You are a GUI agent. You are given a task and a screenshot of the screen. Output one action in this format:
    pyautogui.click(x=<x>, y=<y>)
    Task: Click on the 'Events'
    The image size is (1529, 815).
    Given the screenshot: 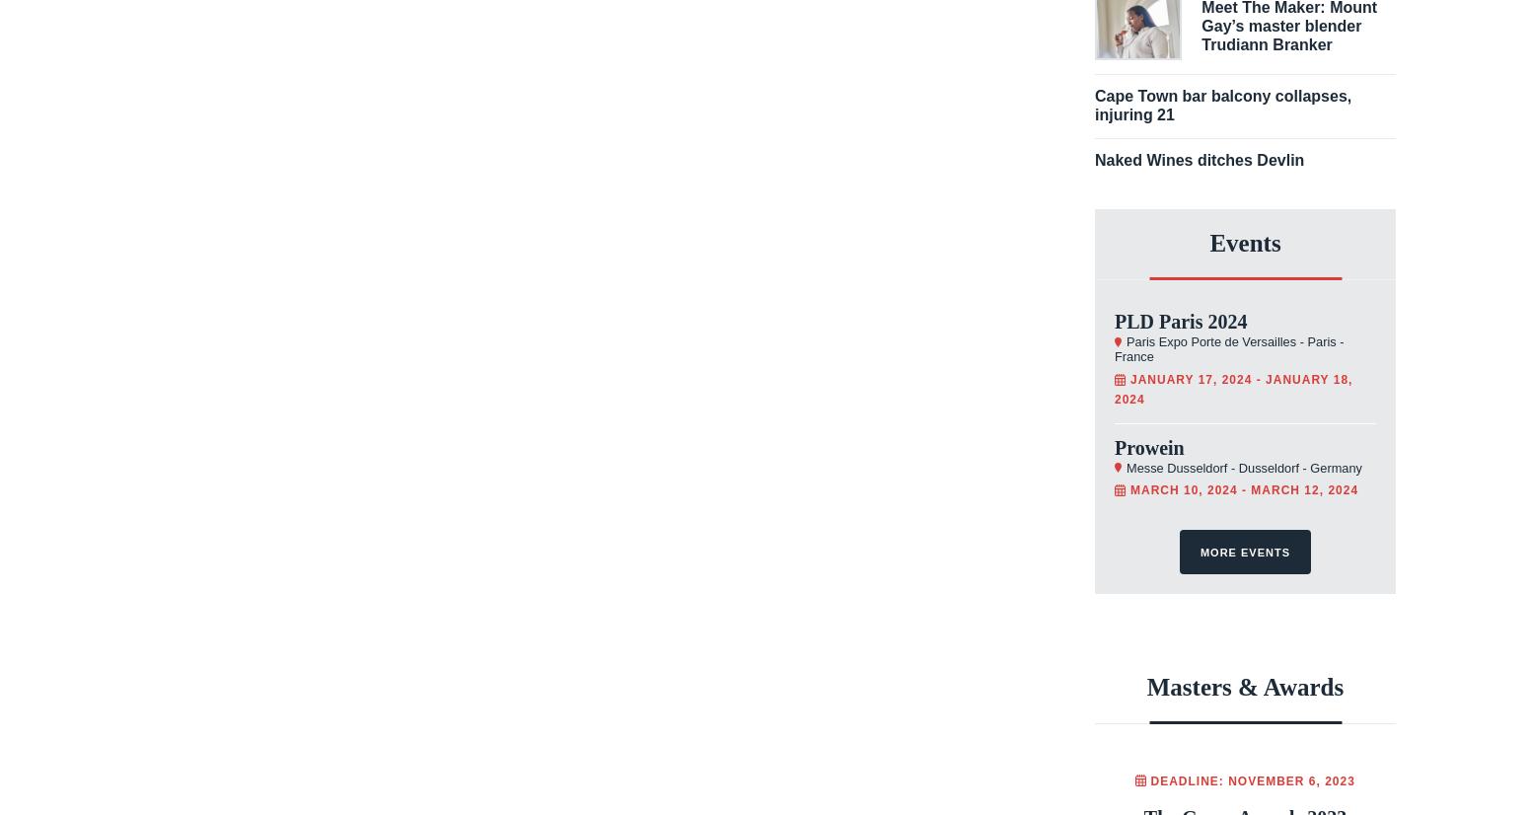 What is the action you would take?
    pyautogui.click(x=1244, y=243)
    